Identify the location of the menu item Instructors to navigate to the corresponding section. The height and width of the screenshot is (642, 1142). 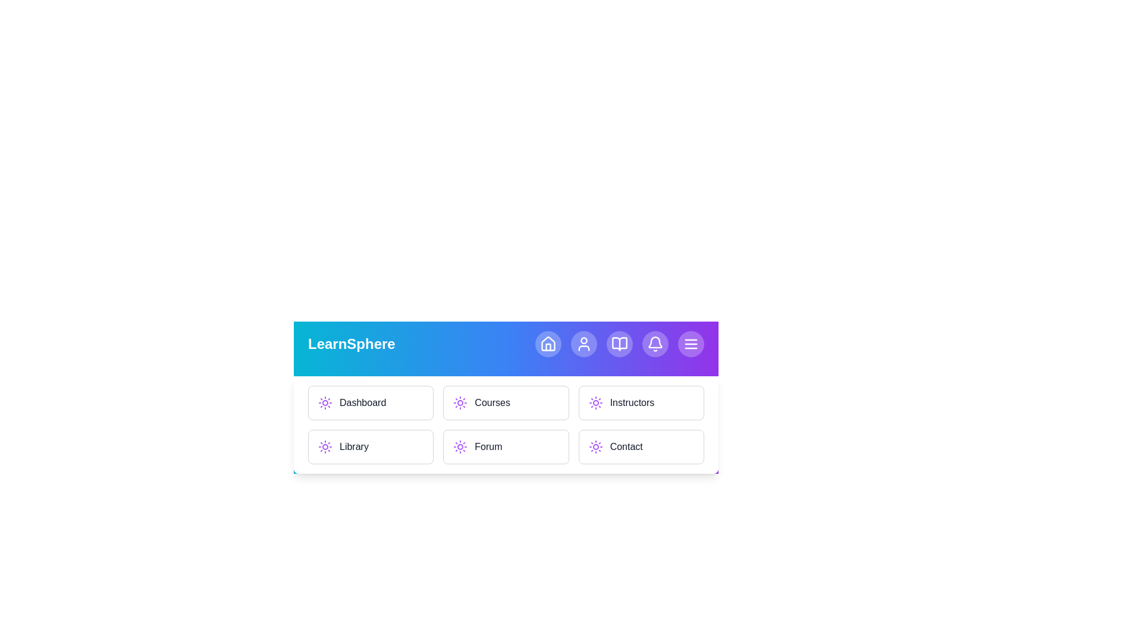
(641, 402).